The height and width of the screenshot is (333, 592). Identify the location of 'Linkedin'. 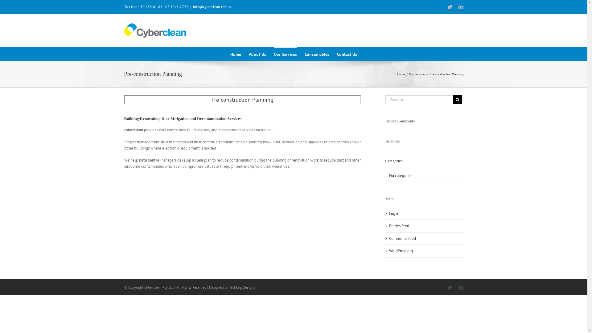
(460, 7).